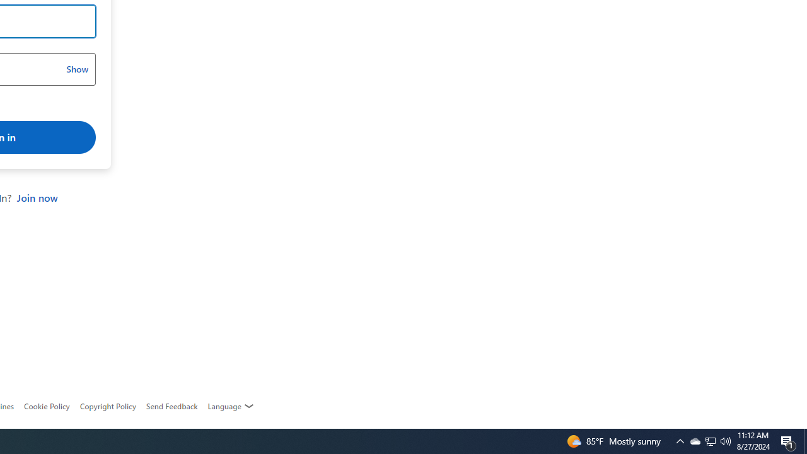 This screenshot has width=807, height=454. I want to click on 'Send Feedback', so click(171, 406).